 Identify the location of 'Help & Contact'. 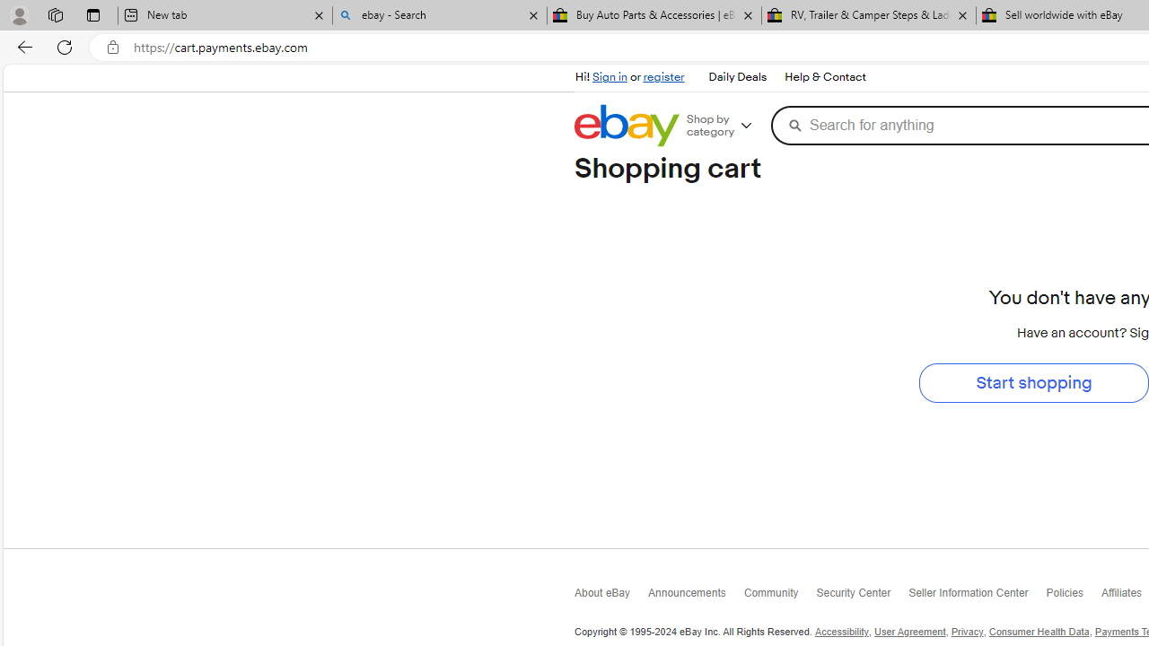
(823, 76).